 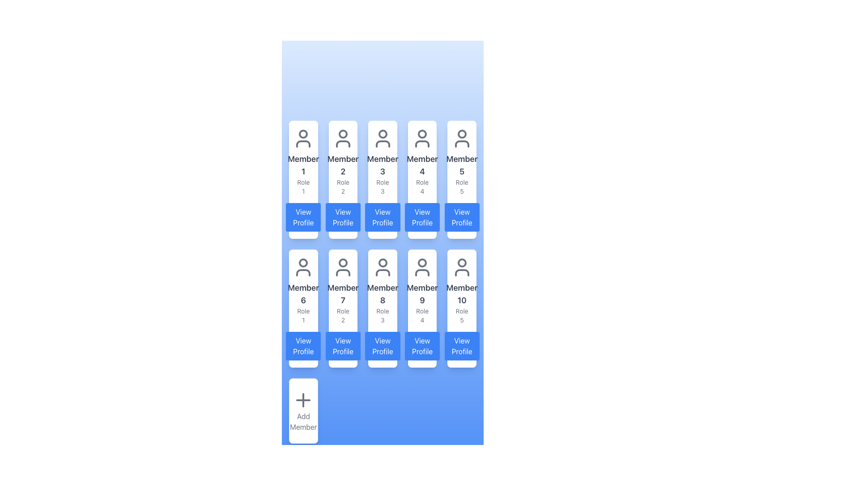 I want to click on the semicircular graphical icon component representing the lower part of the user icon for 'Member 10', located in the second row's fifth column, so click(x=462, y=272).